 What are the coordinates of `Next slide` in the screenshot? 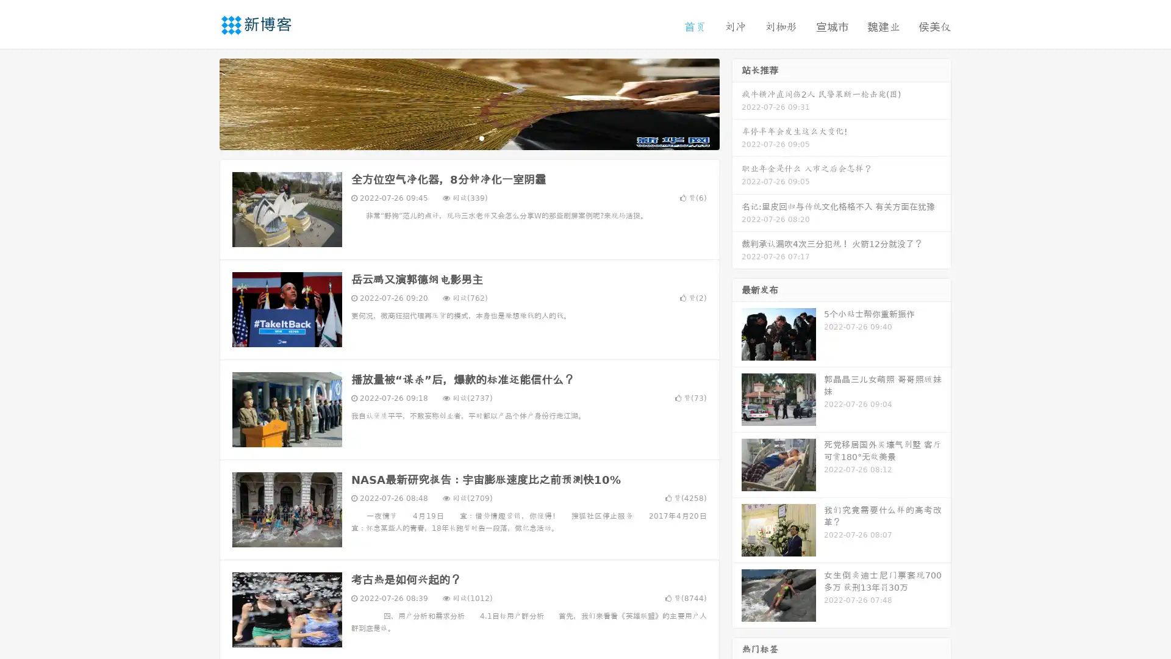 It's located at (737, 103).